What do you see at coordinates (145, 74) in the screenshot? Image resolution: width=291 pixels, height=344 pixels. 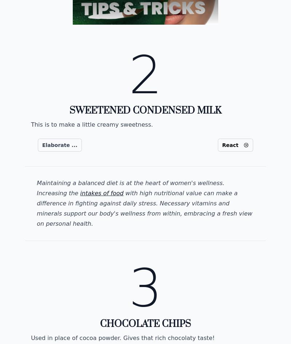 I see `'2'` at bounding box center [145, 74].